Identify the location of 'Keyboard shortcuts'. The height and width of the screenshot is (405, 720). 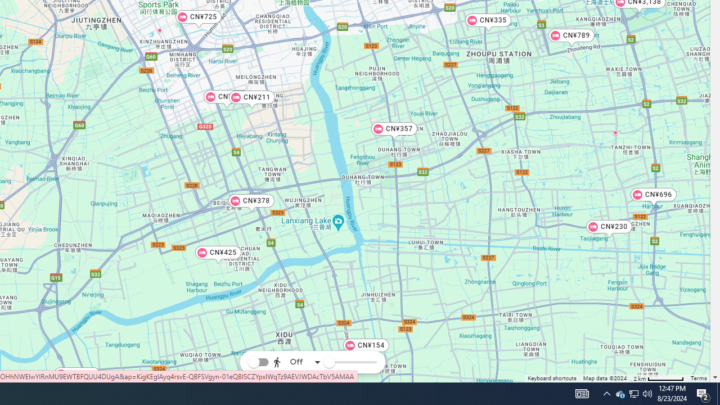
(552, 379).